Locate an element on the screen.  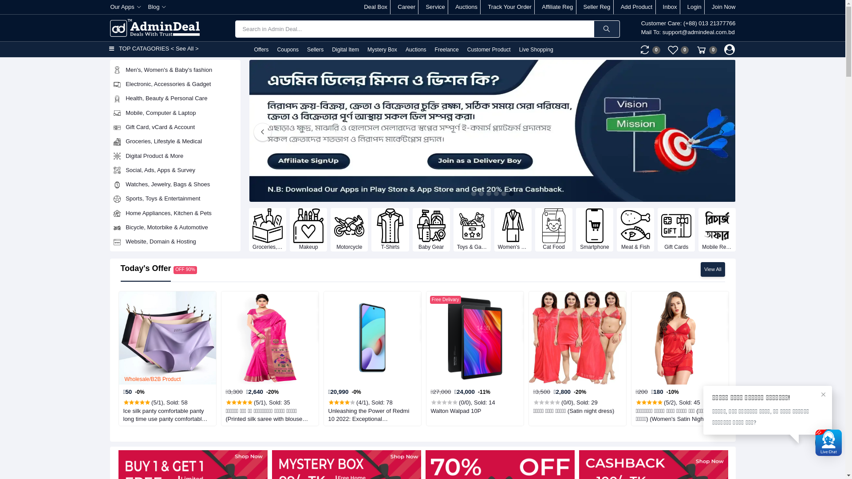
'Inbox' is located at coordinates (663, 7).